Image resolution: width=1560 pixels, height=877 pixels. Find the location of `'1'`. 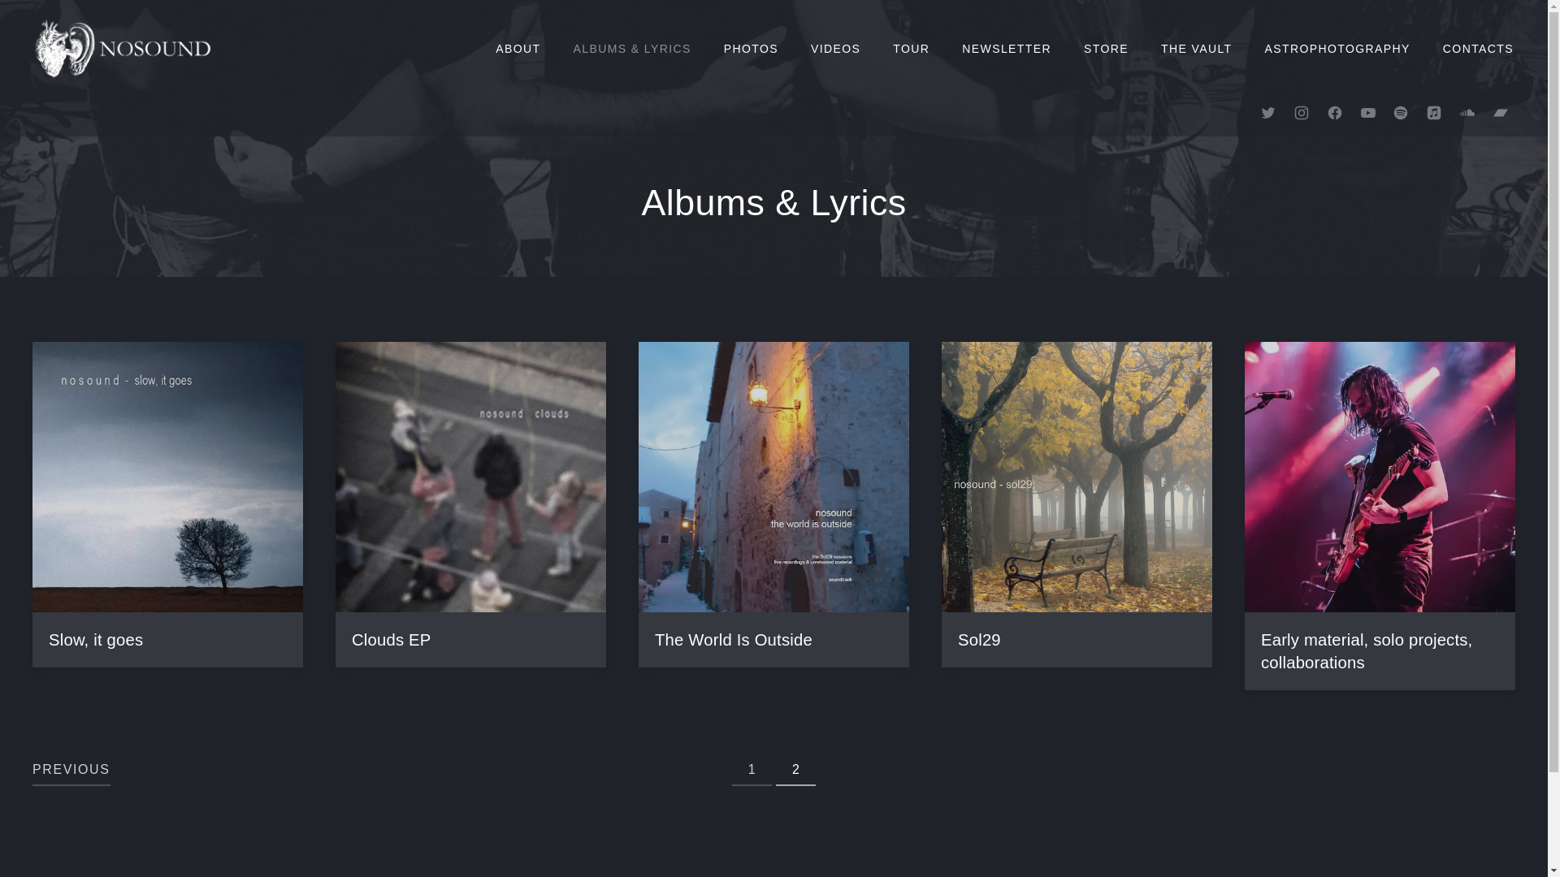

'1' is located at coordinates (751, 769).